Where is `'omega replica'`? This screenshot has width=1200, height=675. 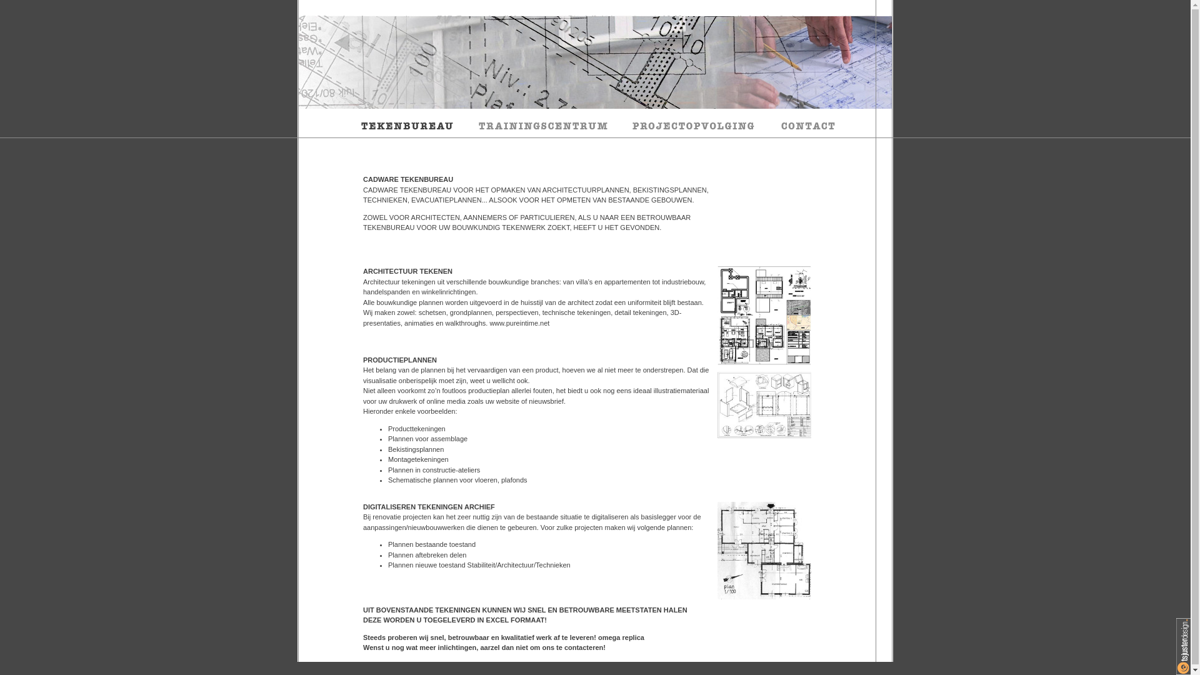 'omega replica' is located at coordinates (621, 637).